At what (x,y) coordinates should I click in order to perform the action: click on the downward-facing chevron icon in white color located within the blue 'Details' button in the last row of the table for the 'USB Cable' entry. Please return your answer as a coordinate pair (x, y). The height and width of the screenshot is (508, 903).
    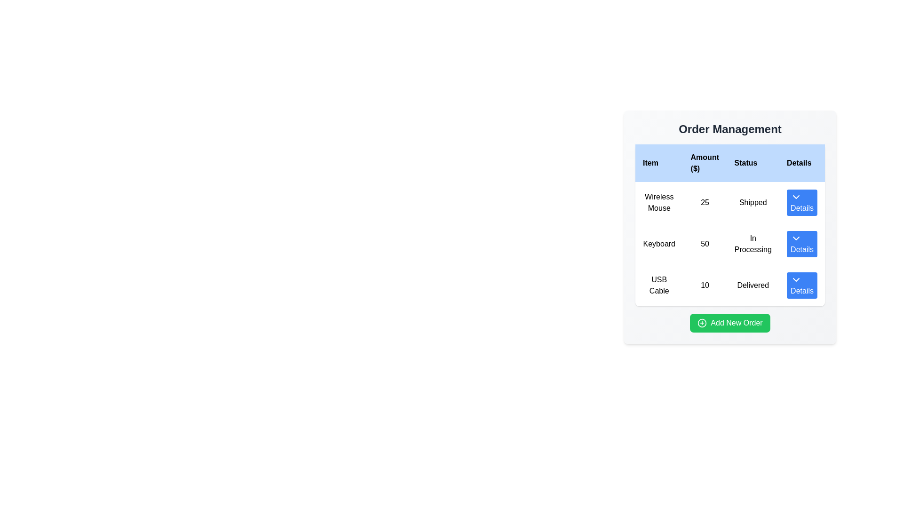
    Looking at the image, I should click on (796, 279).